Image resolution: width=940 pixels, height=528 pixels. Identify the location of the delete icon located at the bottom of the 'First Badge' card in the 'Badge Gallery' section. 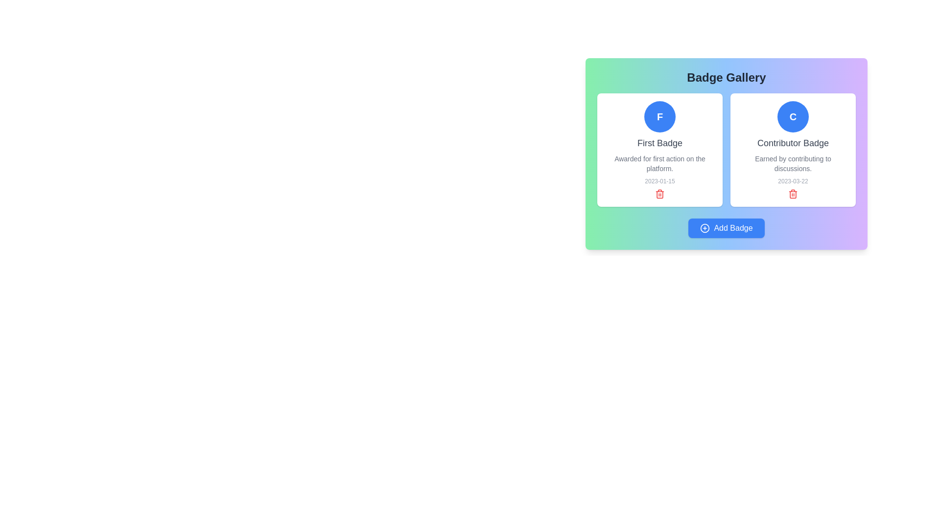
(660, 194).